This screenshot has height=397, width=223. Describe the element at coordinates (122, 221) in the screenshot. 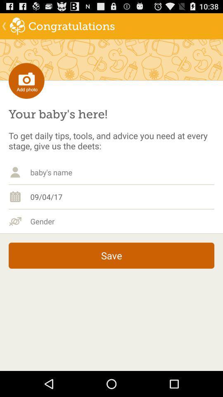

I see `gender` at that location.